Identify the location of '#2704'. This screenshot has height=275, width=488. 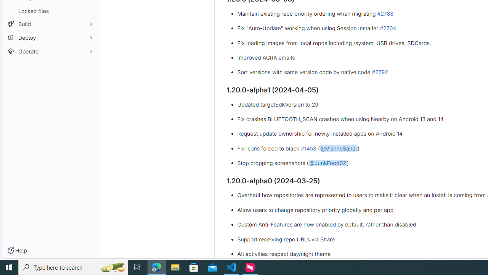
(388, 27).